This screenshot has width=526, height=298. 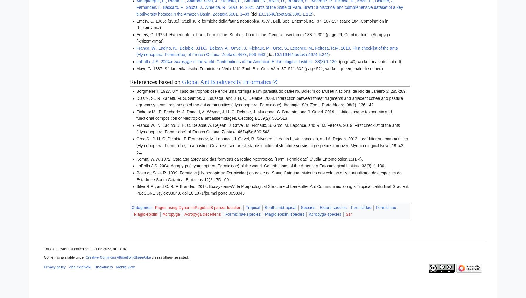 What do you see at coordinates (243, 213) in the screenshot?
I see `'Formicinae species'` at bounding box center [243, 213].